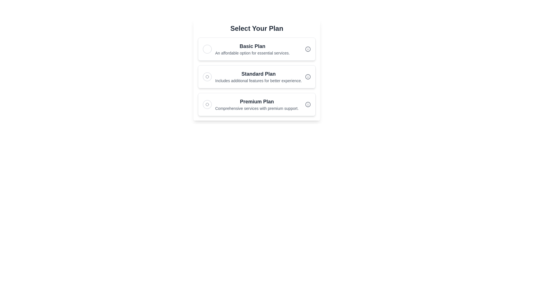  I want to click on the unselected 'Premium Plan' radio button, so click(207, 104).